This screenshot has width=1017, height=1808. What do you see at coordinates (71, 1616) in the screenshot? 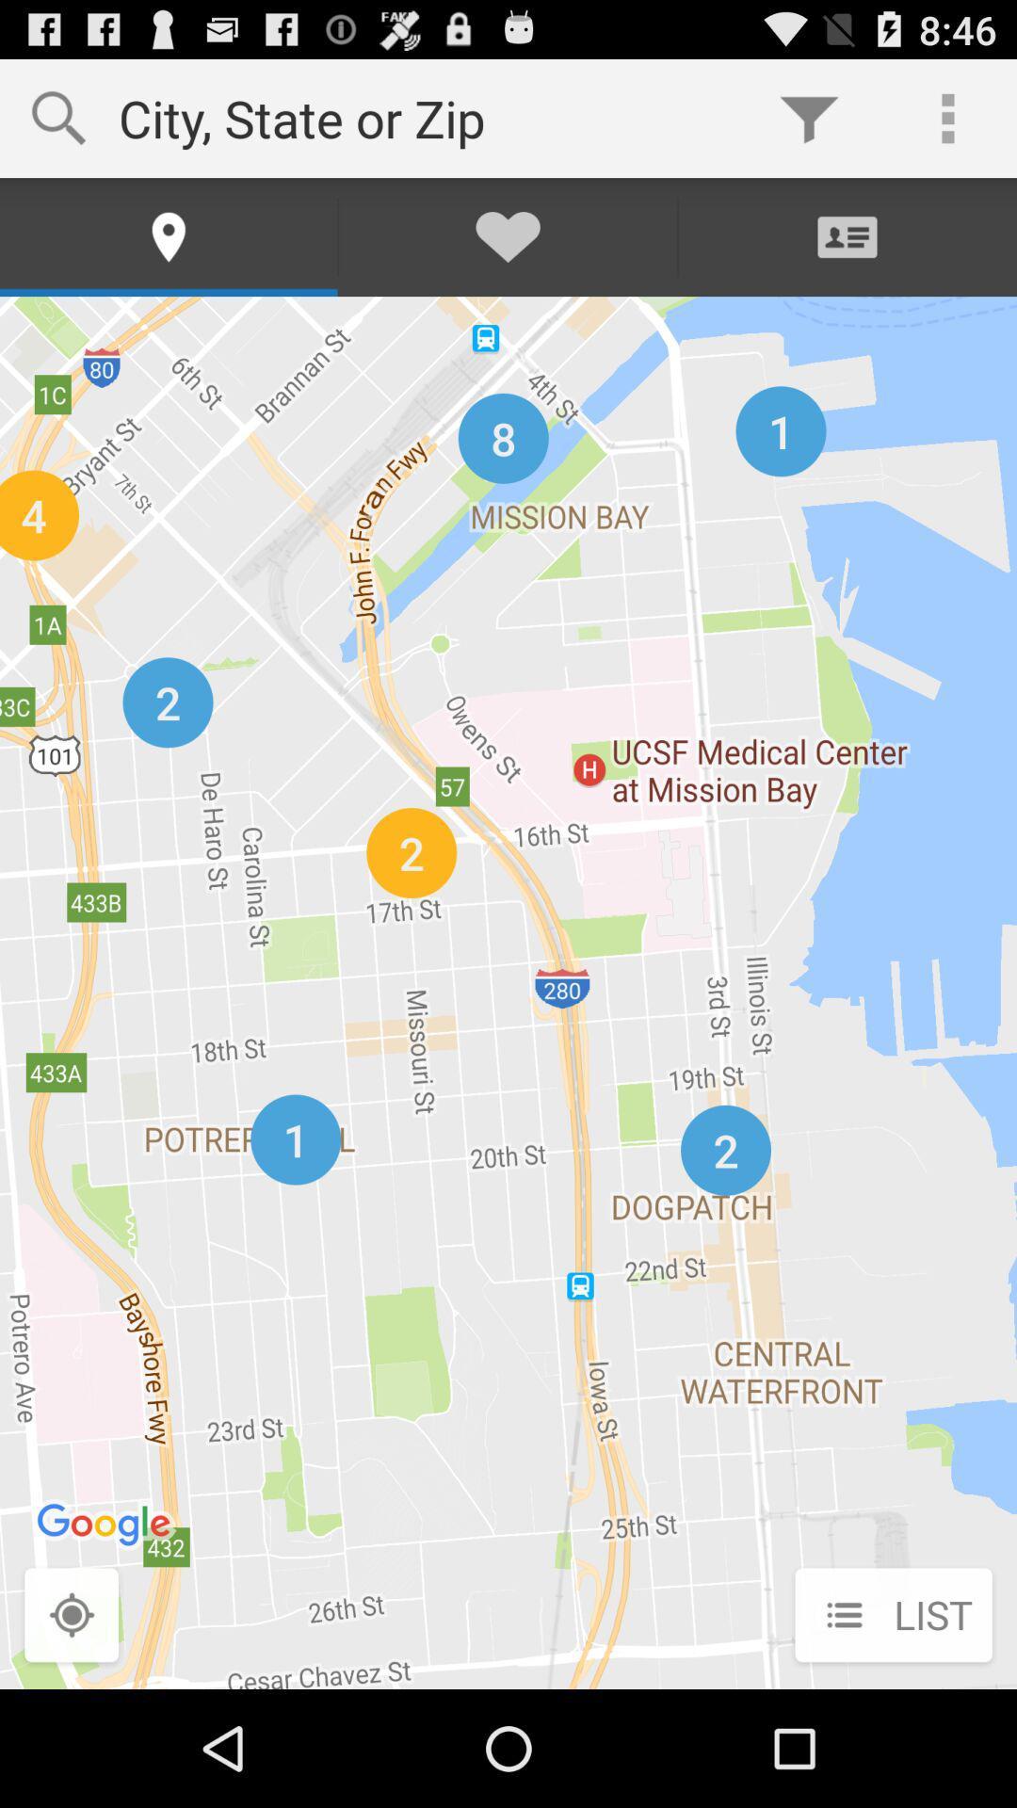
I see `item to the left of list button` at bounding box center [71, 1616].